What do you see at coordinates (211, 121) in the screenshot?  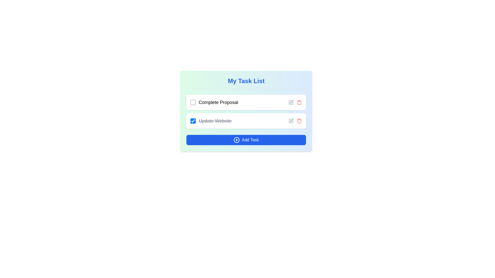 I see `the text label 'Update Website' in the second list item of 'My Task List' to possibly reveal additional options` at bounding box center [211, 121].